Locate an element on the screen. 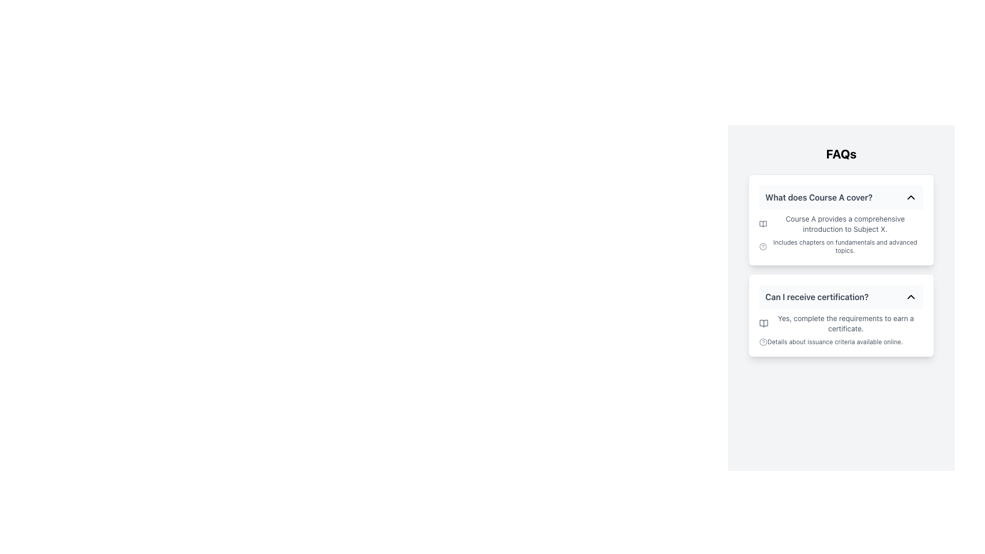 This screenshot has width=985, height=554. the content of the text label reading 'Can I receive certification?' which is styled in bold and dark gray, located in the second collapsible section of the FAQ list is located at coordinates (816, 296).